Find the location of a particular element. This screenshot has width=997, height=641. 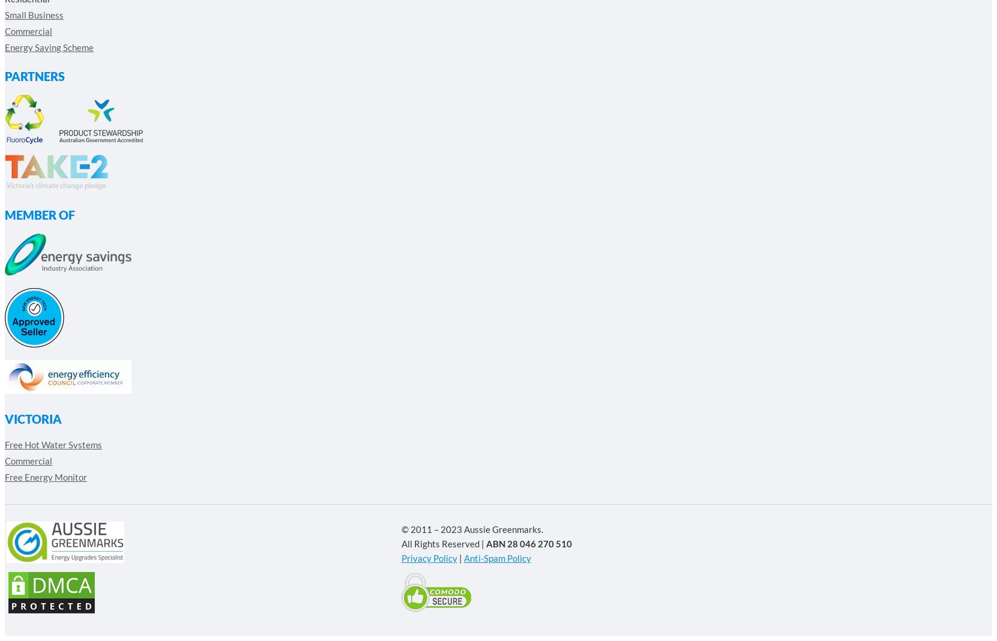

'Privacy Policy' is located at coordinates (429, 558).